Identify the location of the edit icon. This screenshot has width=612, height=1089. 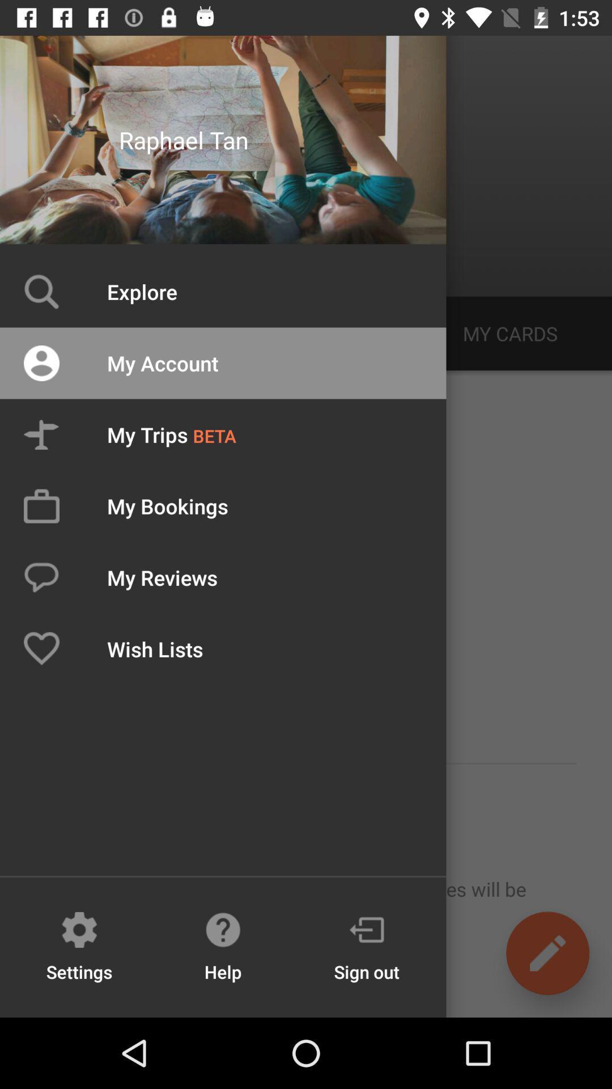
(547, 953).